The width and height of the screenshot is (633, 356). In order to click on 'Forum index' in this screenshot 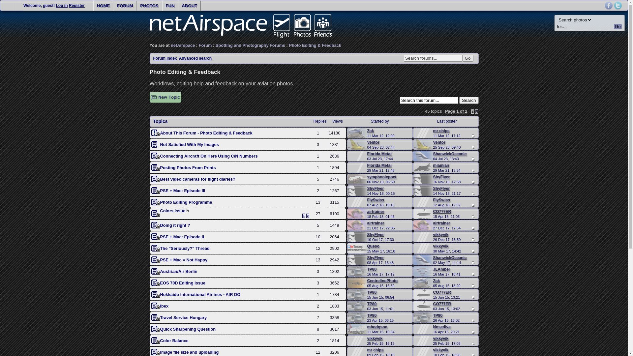, I will do `click(165, 58)`.